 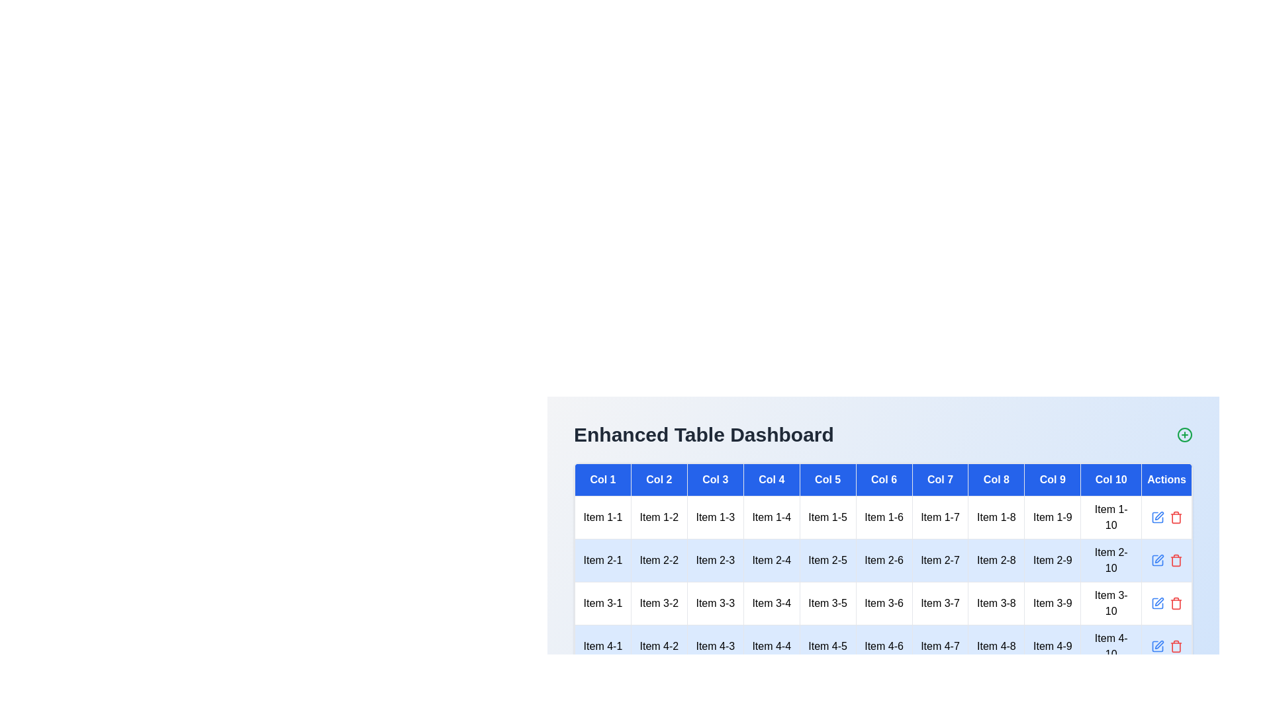 I want to click on the trash icon for the row labeled Item 4-10, so click(x=1176, y=646).